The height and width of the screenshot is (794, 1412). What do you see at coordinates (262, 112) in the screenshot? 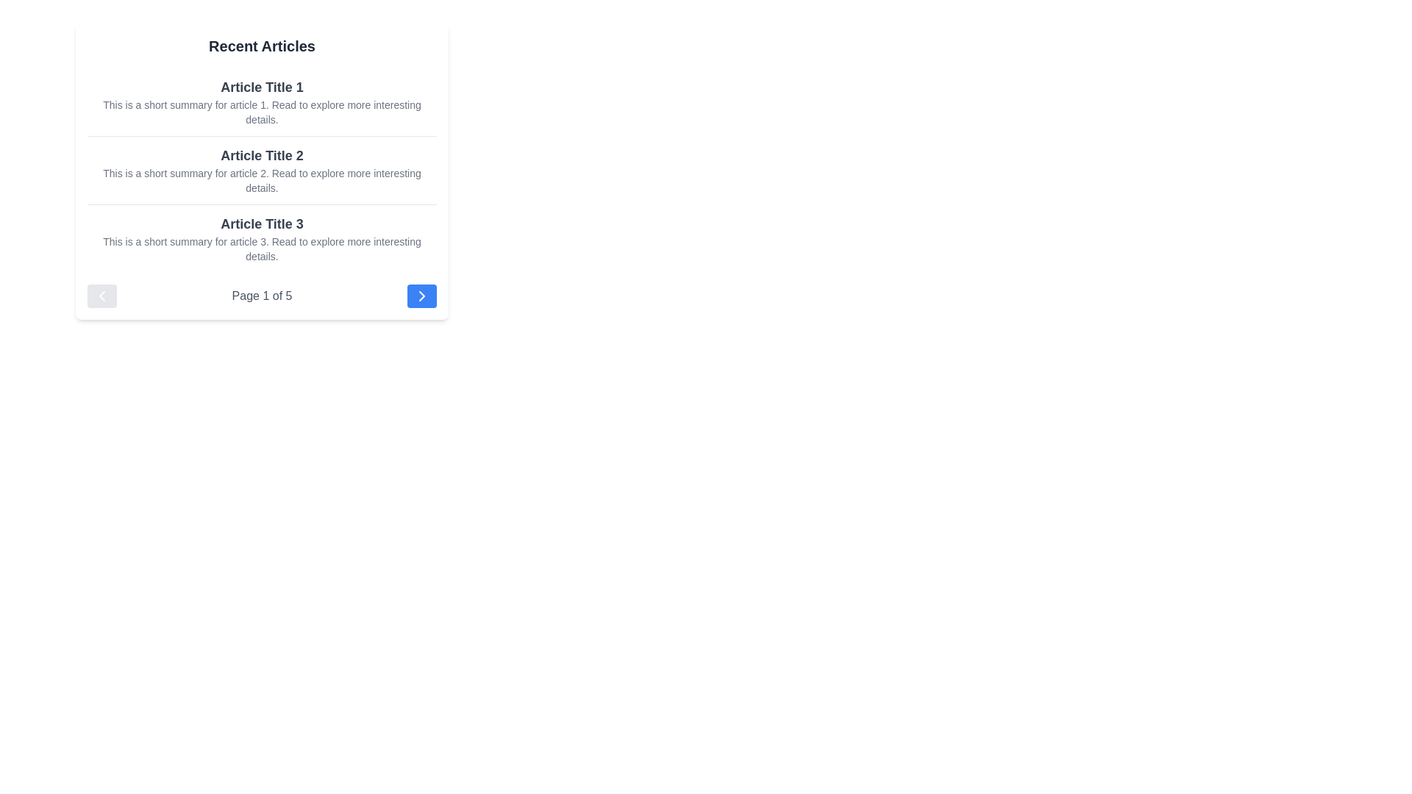
I see `the summary text block located below 'Article Title 1' in small, gray-colored font, which is the first summary in the list of articles` at bounding box center [262, 112].